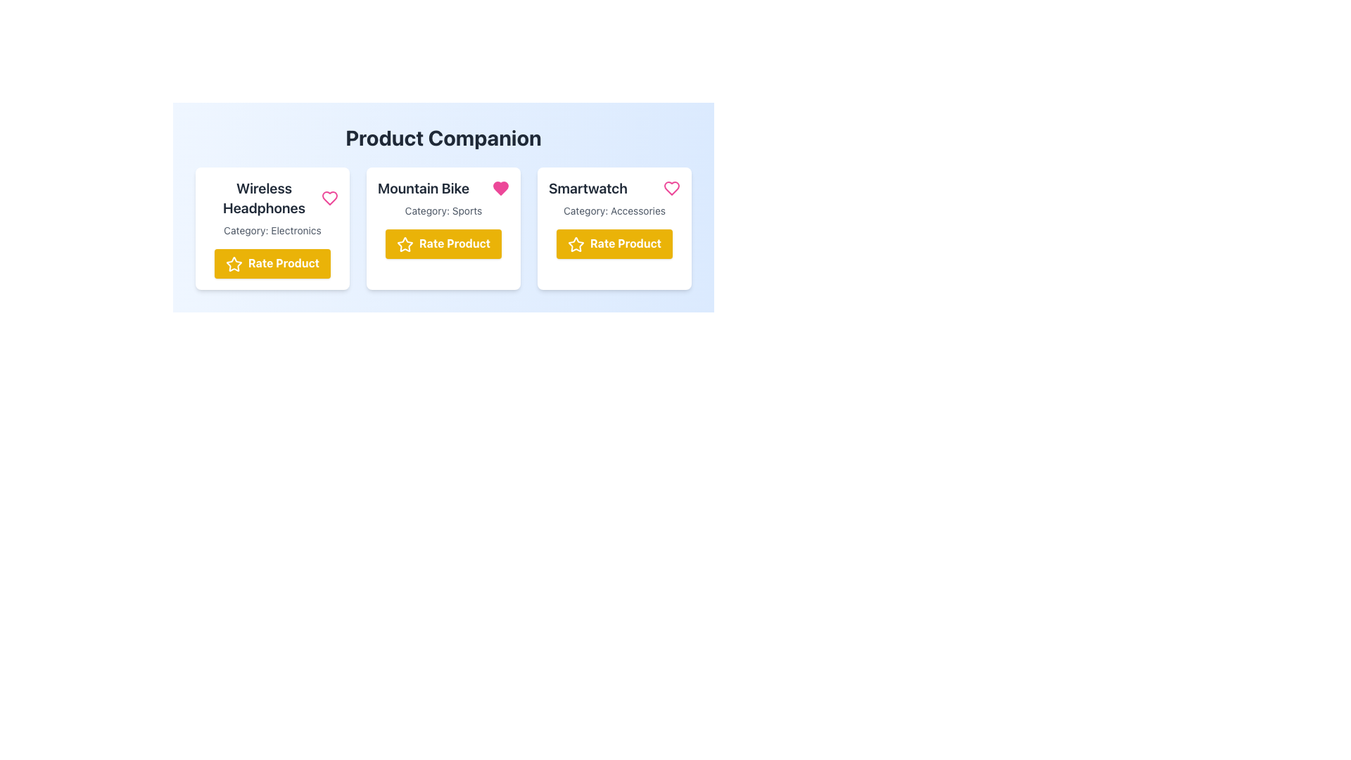  What do you see at coordinates (234, 264) in the screenshot?
I see `the decorative rating icon associated with the 'Rate Product' button located in the second card under 'Product Companion' heading` at bounding box center [234, 264].